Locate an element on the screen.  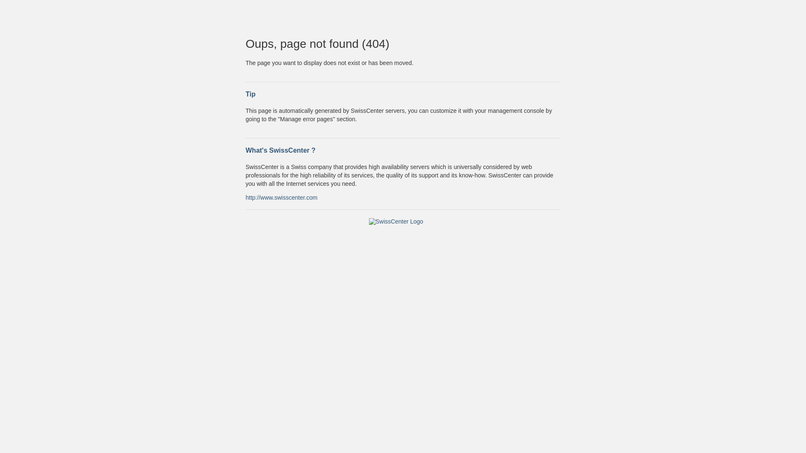
'http://www.swisscenter.com' is located at coordinates (281, 197).